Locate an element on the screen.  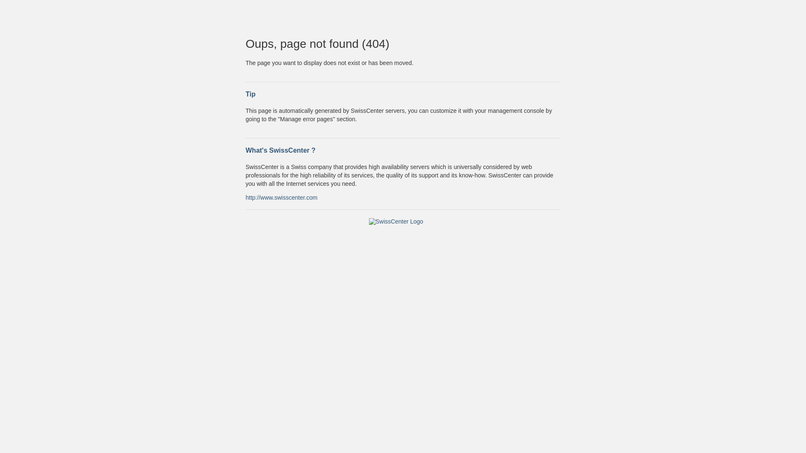
'http://www.swisscenter.com' is located at coordinates (281, 197).